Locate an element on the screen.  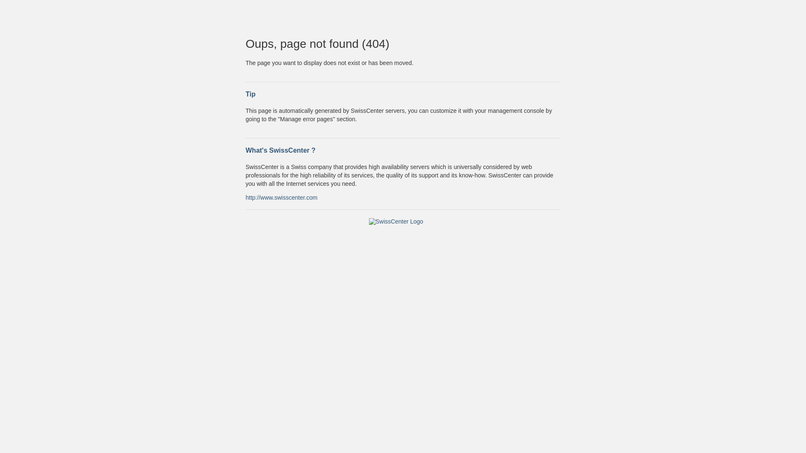
'http://www.swisscenter.com' is located at coordinates (281, 197).